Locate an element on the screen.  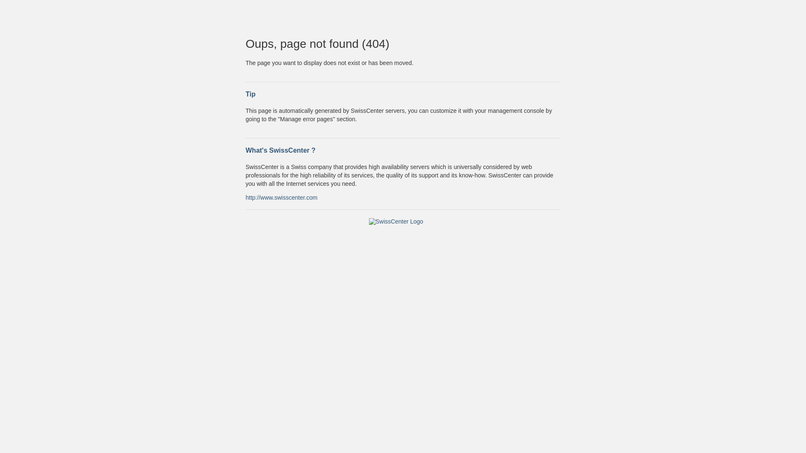
'http://www.swisscenter.com' is located at coordinates (281, 197).